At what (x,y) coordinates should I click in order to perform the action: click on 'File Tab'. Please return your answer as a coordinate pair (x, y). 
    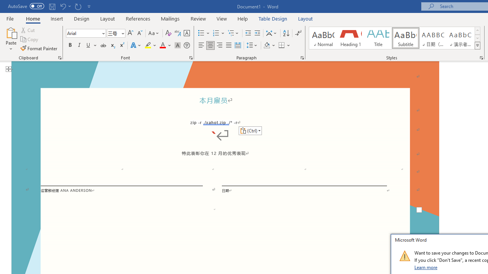
    Looking at the image, I should click on (10, 18).